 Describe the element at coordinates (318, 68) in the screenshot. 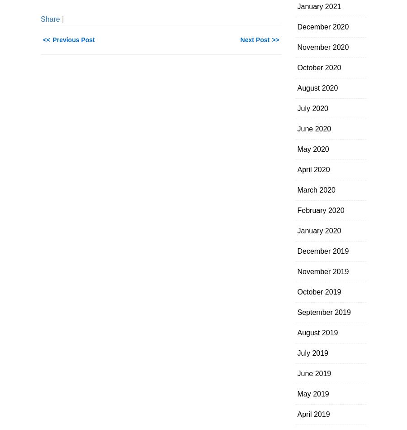

I see `'October 2020'` at that location.